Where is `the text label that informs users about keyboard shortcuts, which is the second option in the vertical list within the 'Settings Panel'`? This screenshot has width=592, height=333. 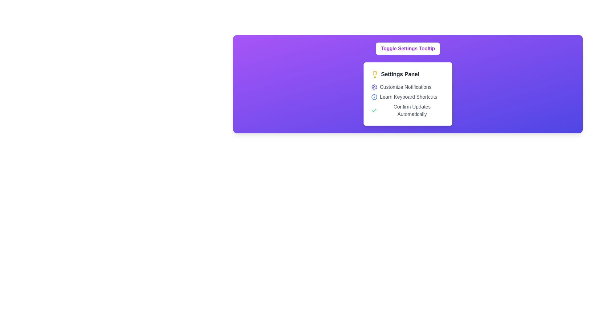
the text label that informs users about keyboard shortcuts, which is the second option in the vertical list within the 'Settings Panel' is located at coordinates (408, 97).